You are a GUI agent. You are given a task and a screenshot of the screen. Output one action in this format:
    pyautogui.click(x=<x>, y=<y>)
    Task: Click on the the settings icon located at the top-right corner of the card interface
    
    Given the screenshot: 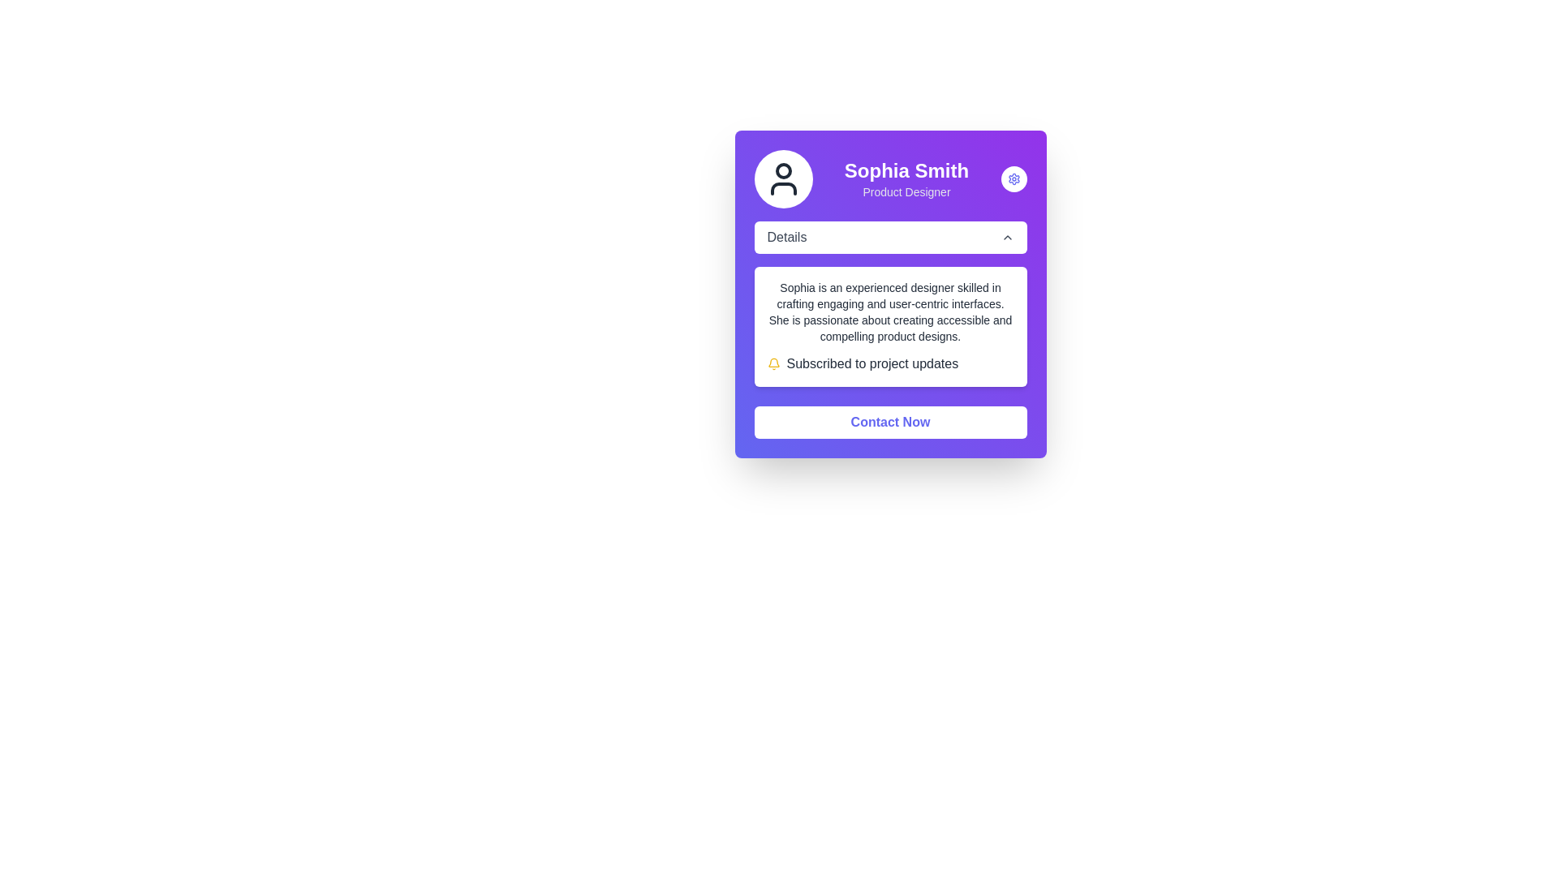 What is the action you would take?
    pyautogui.click(x=1013, y=178)
    